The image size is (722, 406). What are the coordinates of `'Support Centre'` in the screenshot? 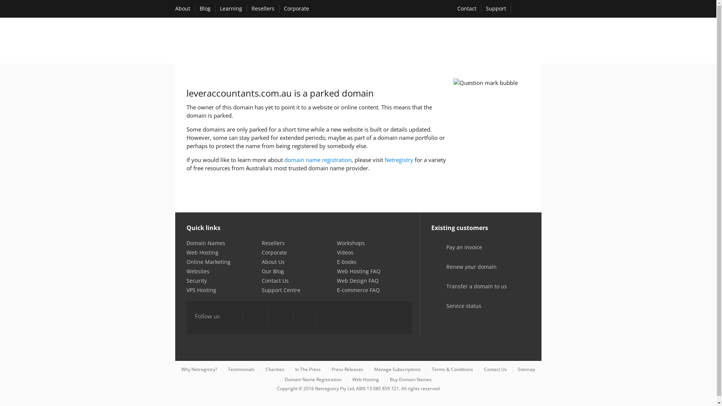 It's located at (281, 289).